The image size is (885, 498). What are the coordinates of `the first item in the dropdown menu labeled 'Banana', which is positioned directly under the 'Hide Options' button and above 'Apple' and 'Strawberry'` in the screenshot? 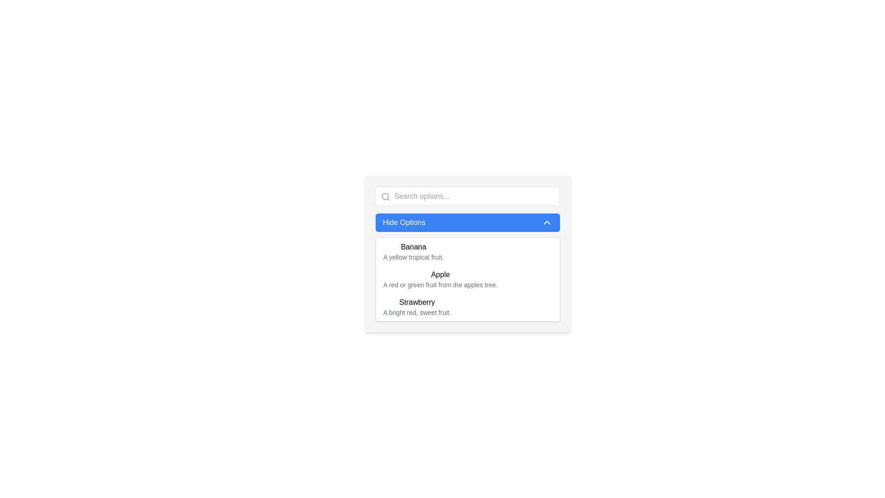 It's located at (413, 252).